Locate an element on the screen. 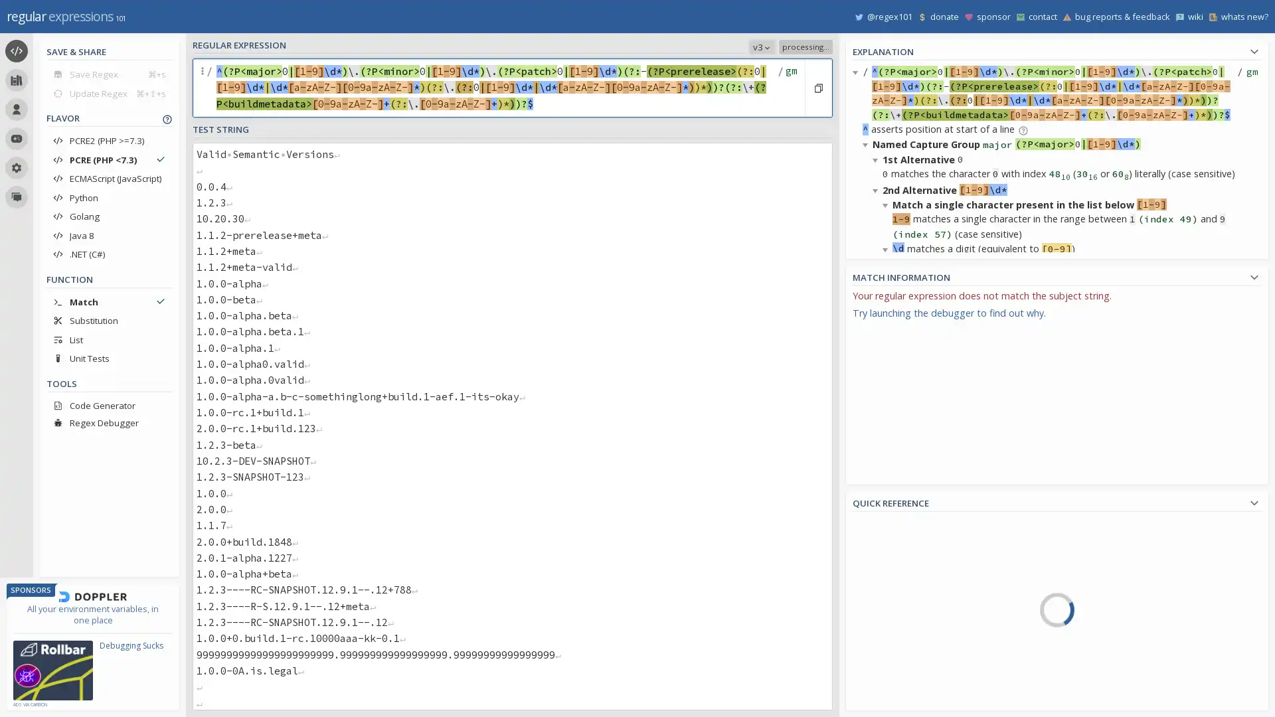 This screenshot has height=717, width=1275. All Tokens is located at coordinates (914, 550).